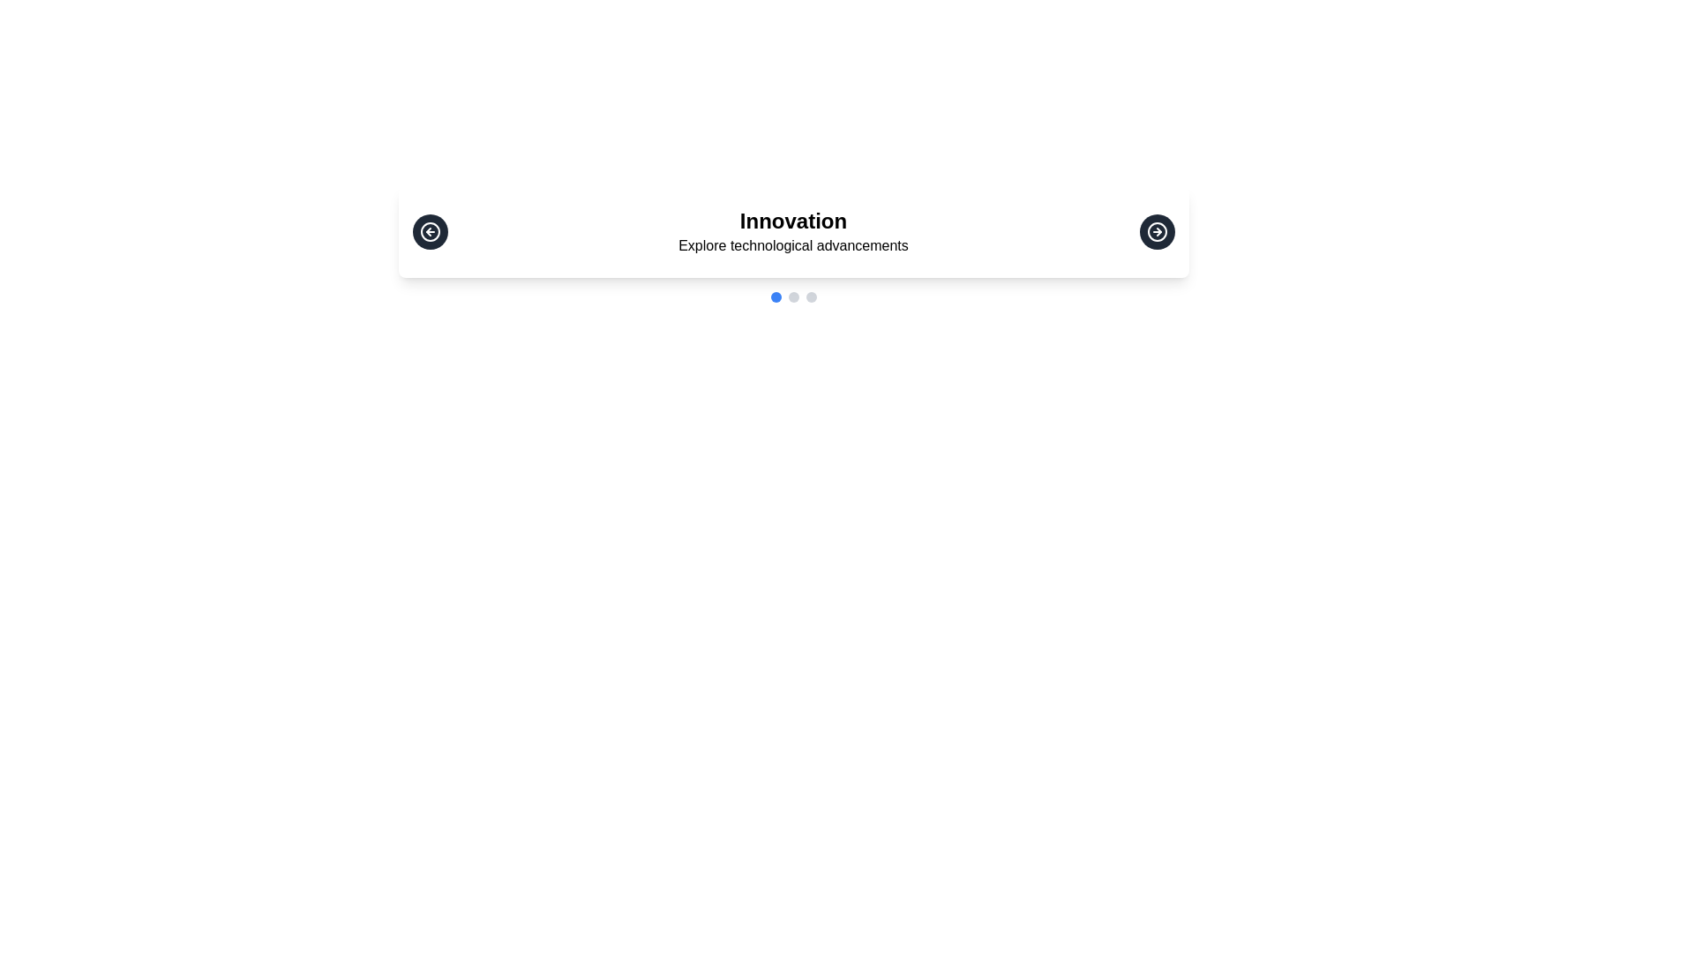 The width and height of the screenshot is (1694, 953). I want to click on text content of the Text block that contains a bold heading 'Innovation' and a subtitle 'Explore technological advancements', so click(792, 244).